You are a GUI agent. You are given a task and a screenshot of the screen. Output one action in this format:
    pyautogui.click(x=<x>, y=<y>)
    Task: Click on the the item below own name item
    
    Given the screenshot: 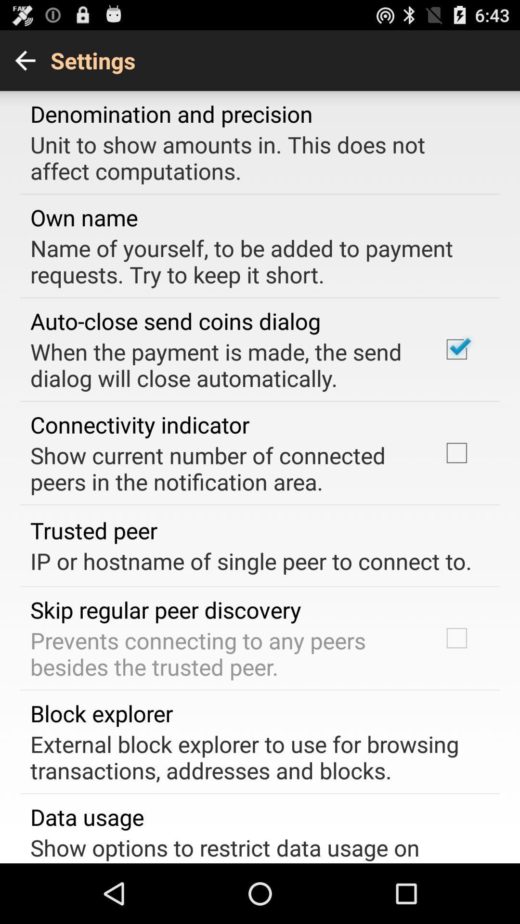 What is the action you would take?
    pyautogui.click(x=253, y=261)
    